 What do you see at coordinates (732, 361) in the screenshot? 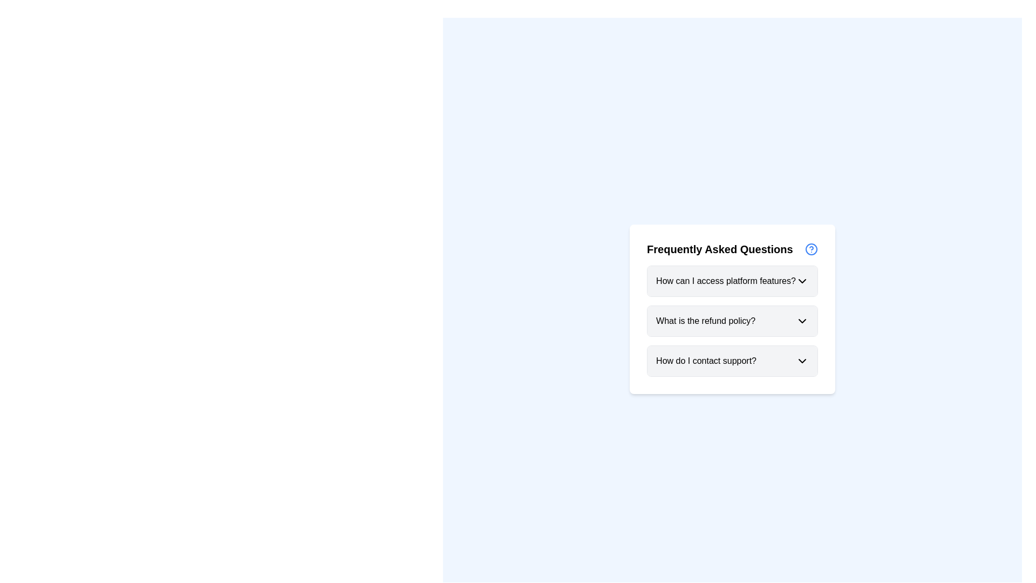
I see `the third collapsible item in the FAQ section to observe the style change when interacted with` at bounding box center [732, 361].